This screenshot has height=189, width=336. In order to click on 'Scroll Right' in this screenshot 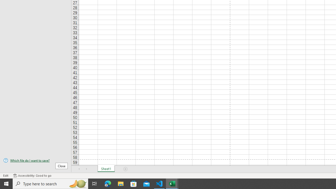, I will do `click(87, 169)`.